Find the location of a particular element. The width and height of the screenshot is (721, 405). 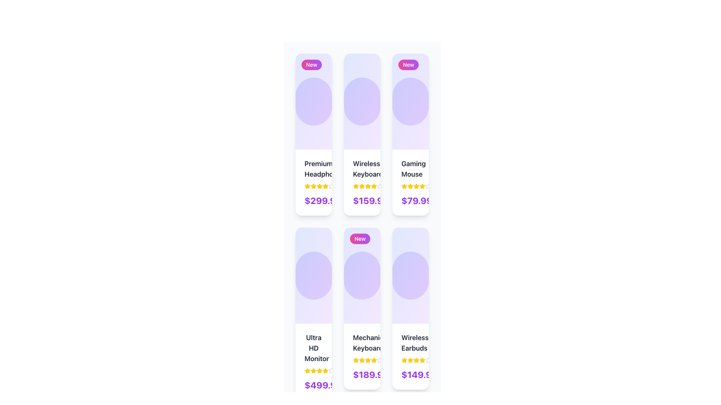

the third yellow star icon in the 5-star rating display is located at coordinates (410, 360).